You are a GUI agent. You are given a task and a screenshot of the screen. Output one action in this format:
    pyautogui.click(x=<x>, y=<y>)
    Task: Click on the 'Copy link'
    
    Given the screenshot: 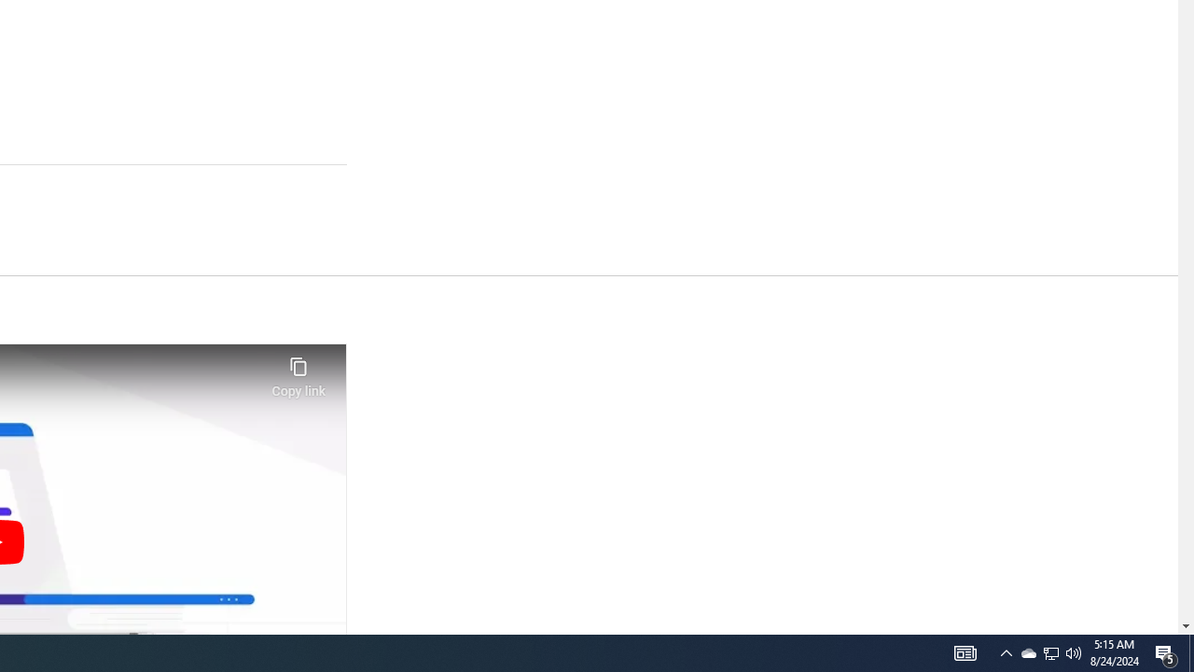 What is the action you would take?
    pyautogui.click(x=298, y=371)
    